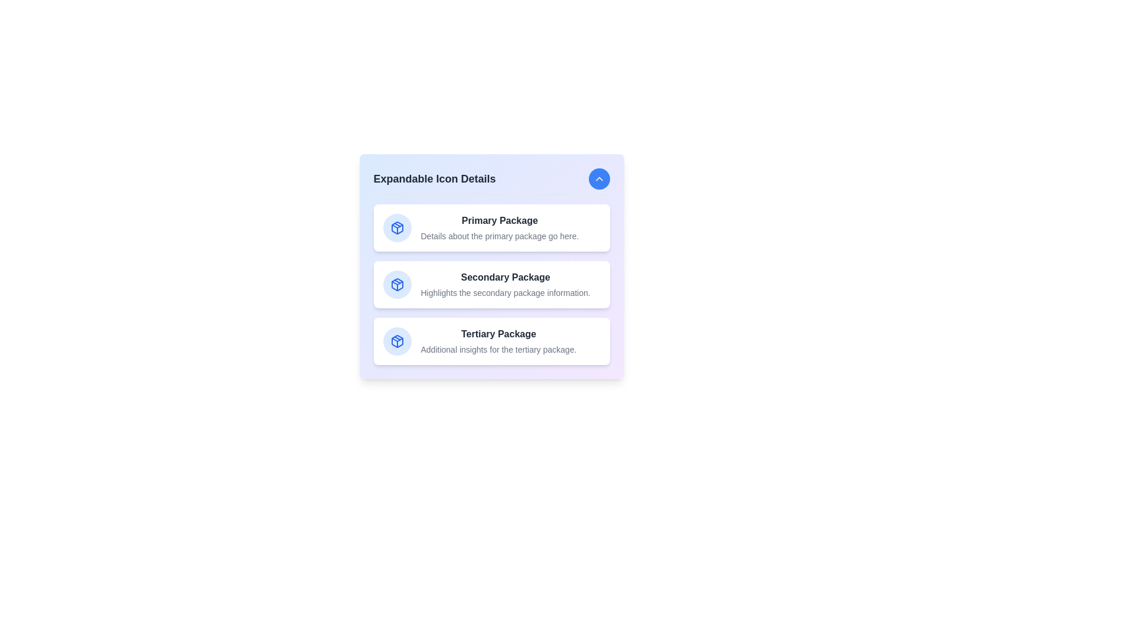 Image resolution: width=1134 pixels, height=638 pixels. What do you see at coordinates (491, 285) in the screenshot?
I see `the 'Secondary Package' block` at bounding box center [491, 285].